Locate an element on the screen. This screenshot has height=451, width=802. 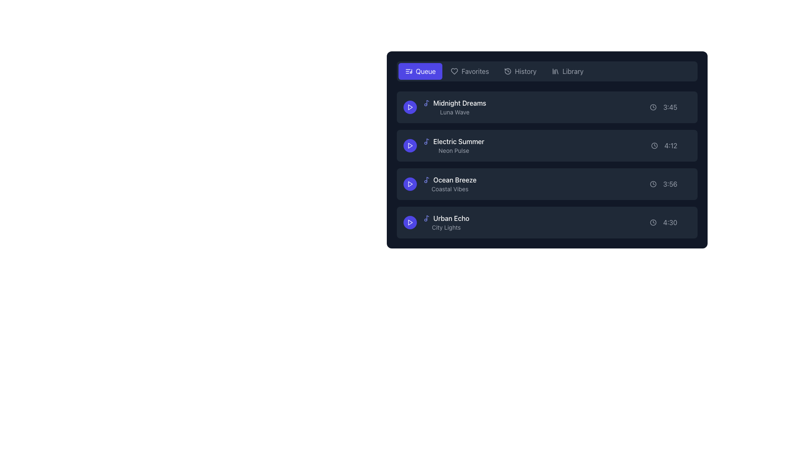
text content of the label displaying 'City Lights', which is a small gray font on a dark background, located at the bottom of the 'Urban Echo' section, specifically at the far-right of the fourth list item is located at coordinates (446, 227).